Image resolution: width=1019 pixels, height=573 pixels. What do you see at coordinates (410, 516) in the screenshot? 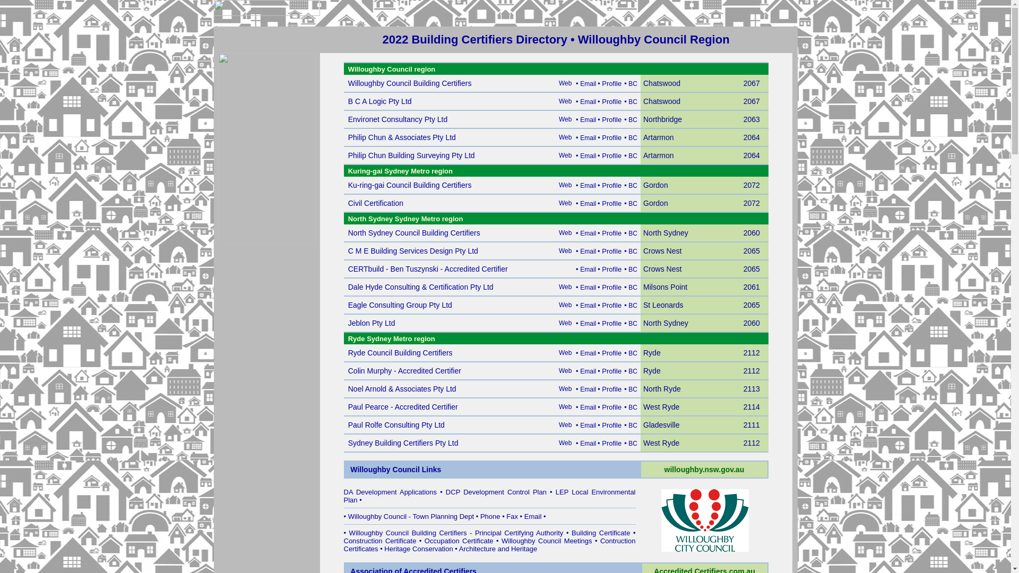
I see `'Willoughby Council - Town Planning Dept'` at bounding box center [410, 516].